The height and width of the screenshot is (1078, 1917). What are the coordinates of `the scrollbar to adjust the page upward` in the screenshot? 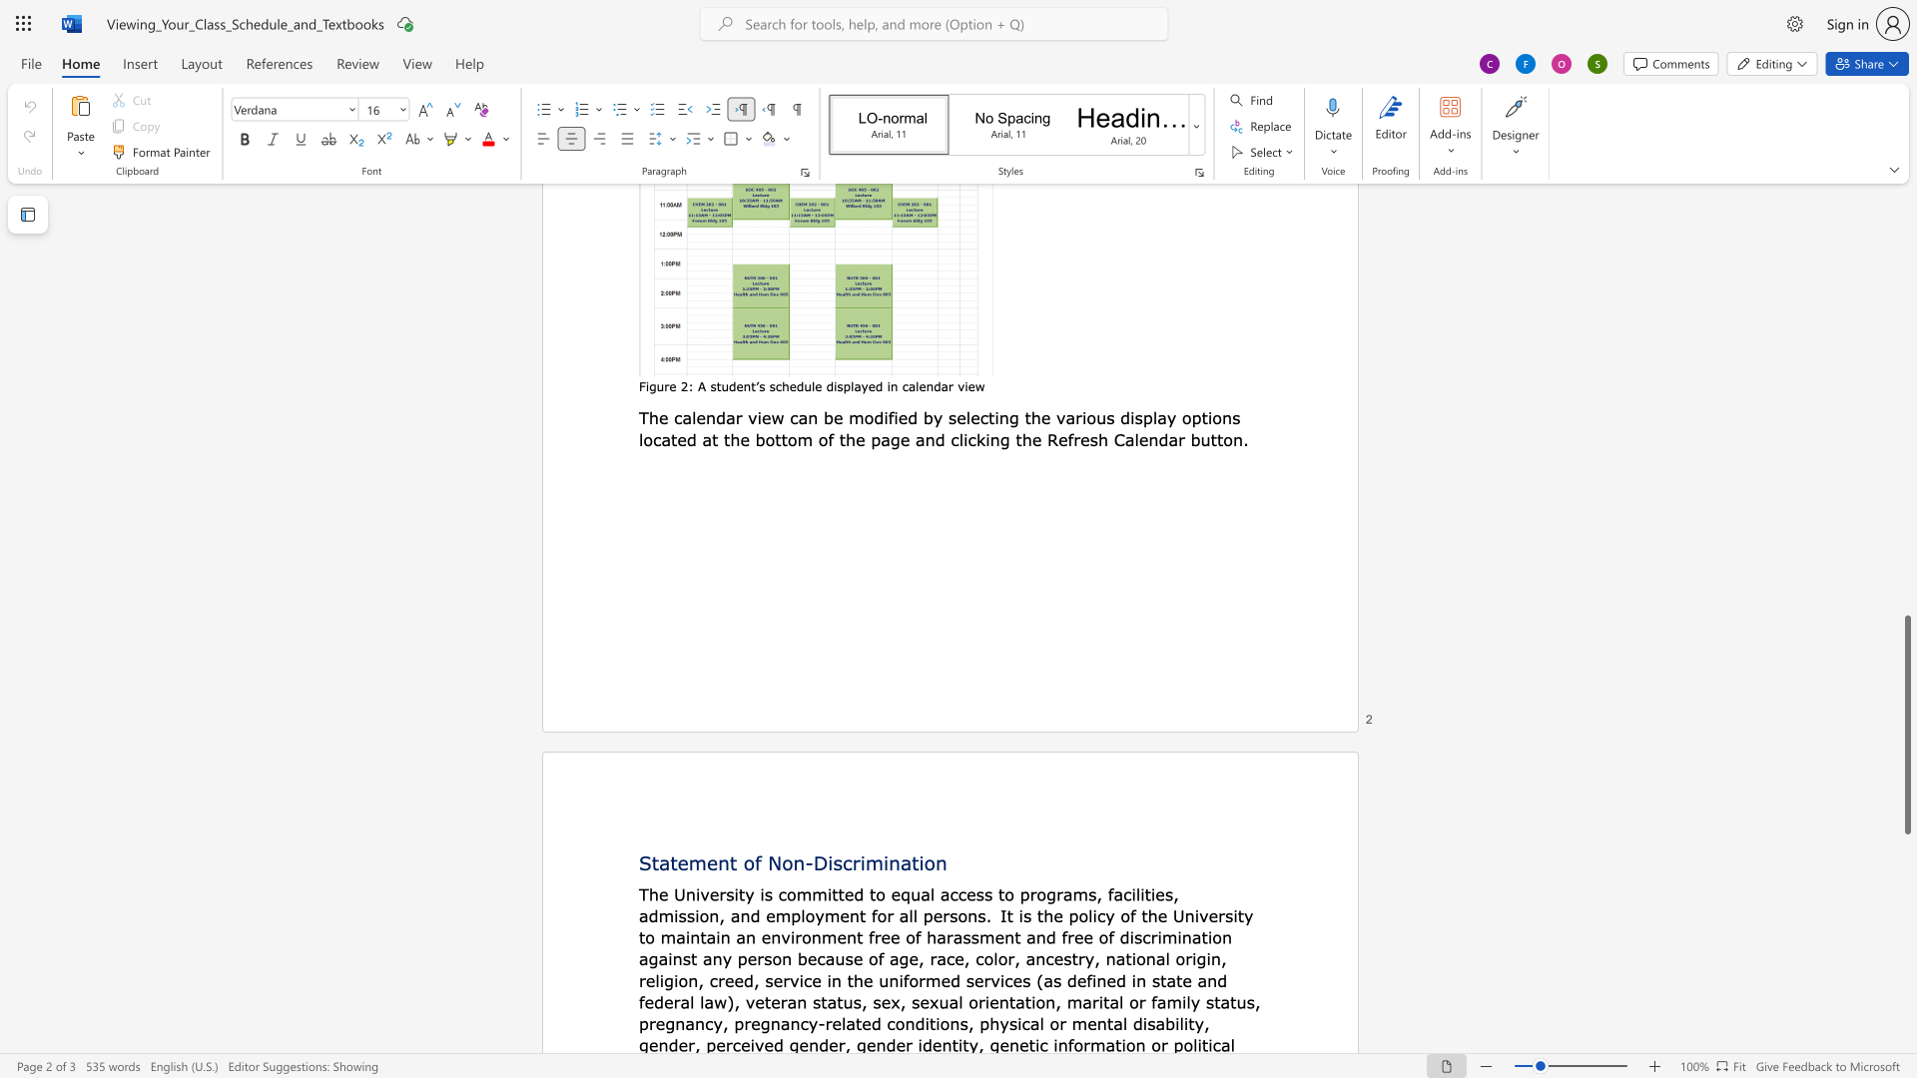 It's located at (1906, 478).